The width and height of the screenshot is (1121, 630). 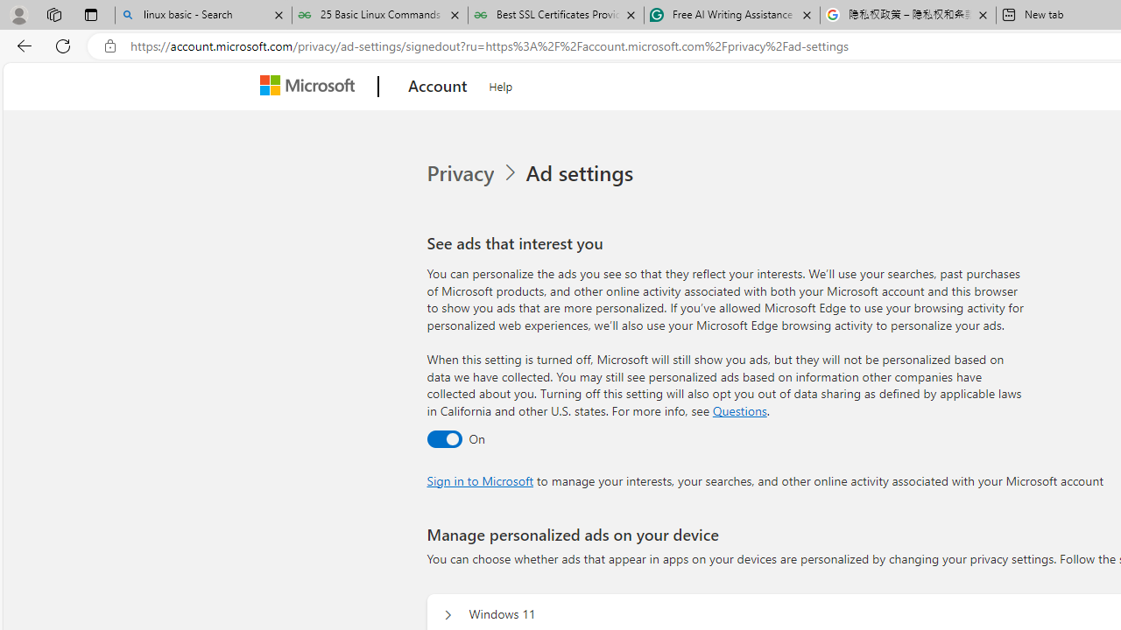 I want to click on 'Account', so click(x=437, y=87).